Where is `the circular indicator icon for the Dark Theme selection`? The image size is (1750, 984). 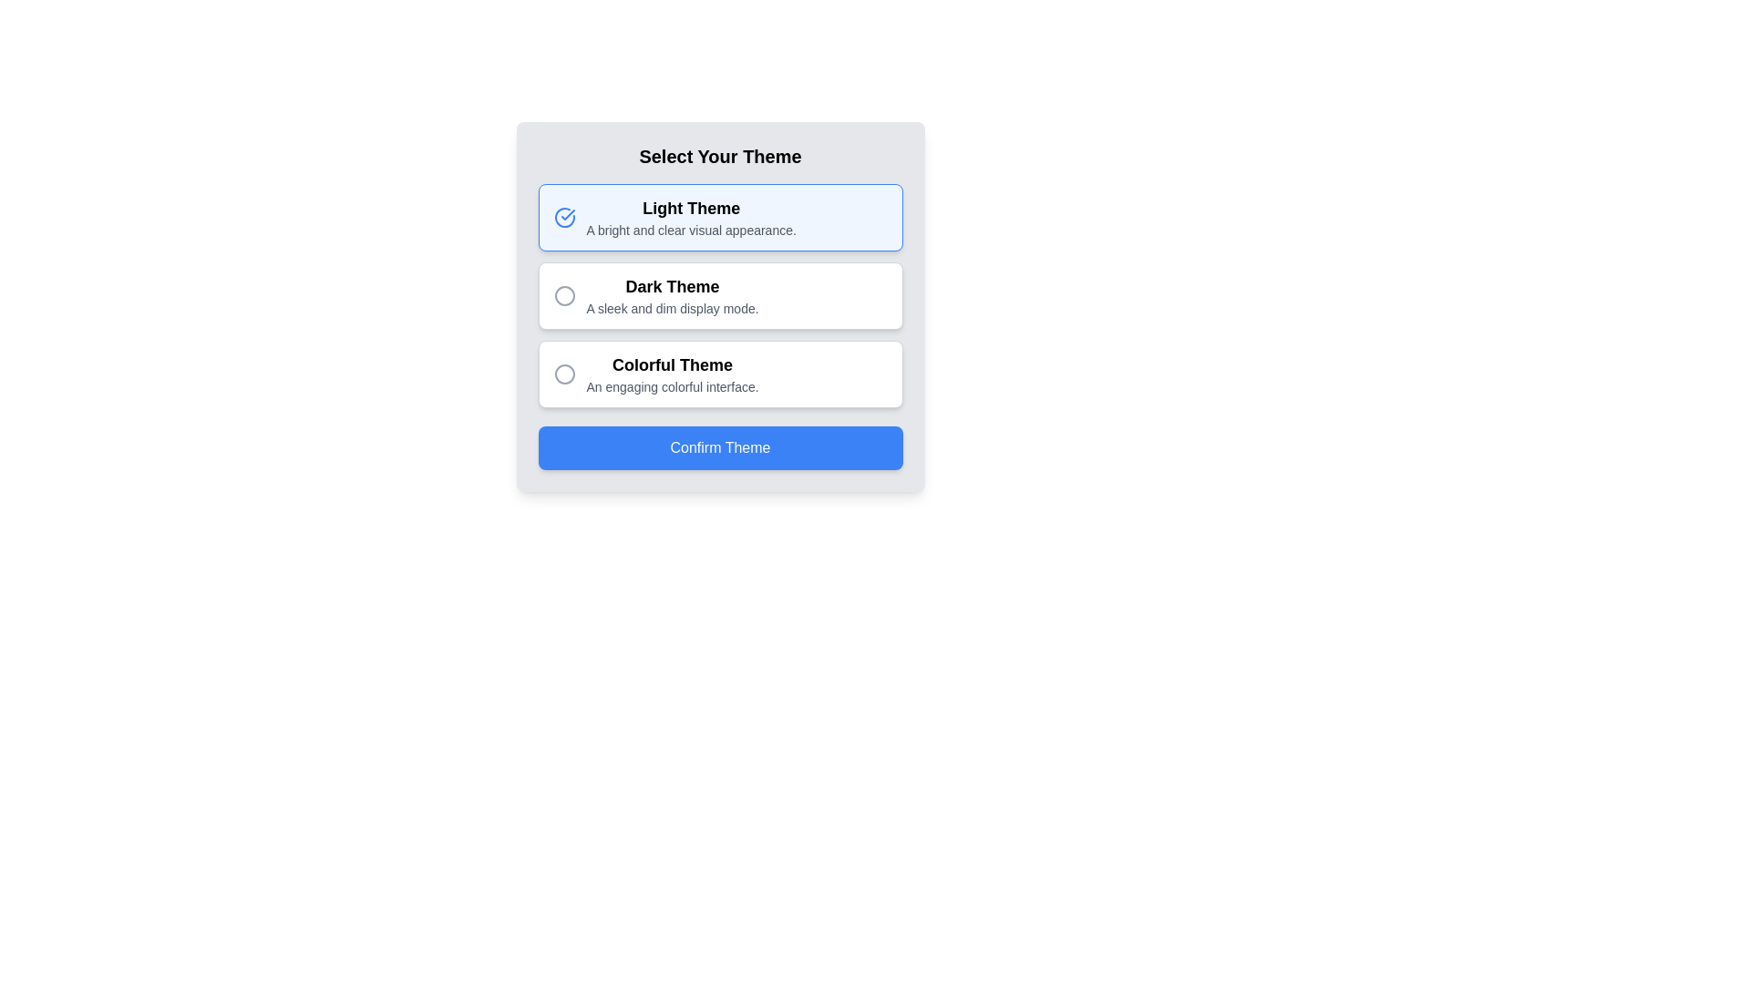
the circular indicator icon for the Dark Theme selection is located at coordinates (563, 294).